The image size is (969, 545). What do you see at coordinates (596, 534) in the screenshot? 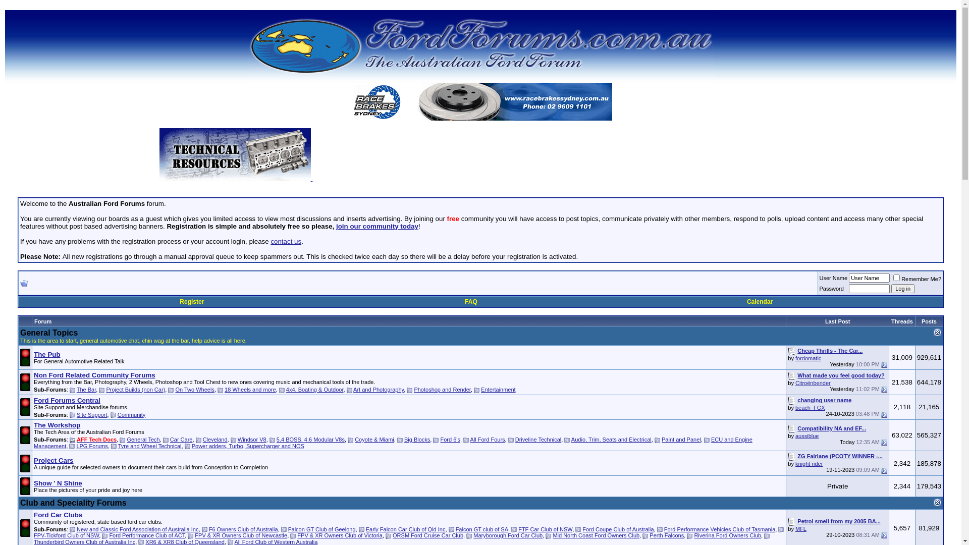
I see `'Mid North Coast Ford Owners Club'` at bounding box center [596, 534].